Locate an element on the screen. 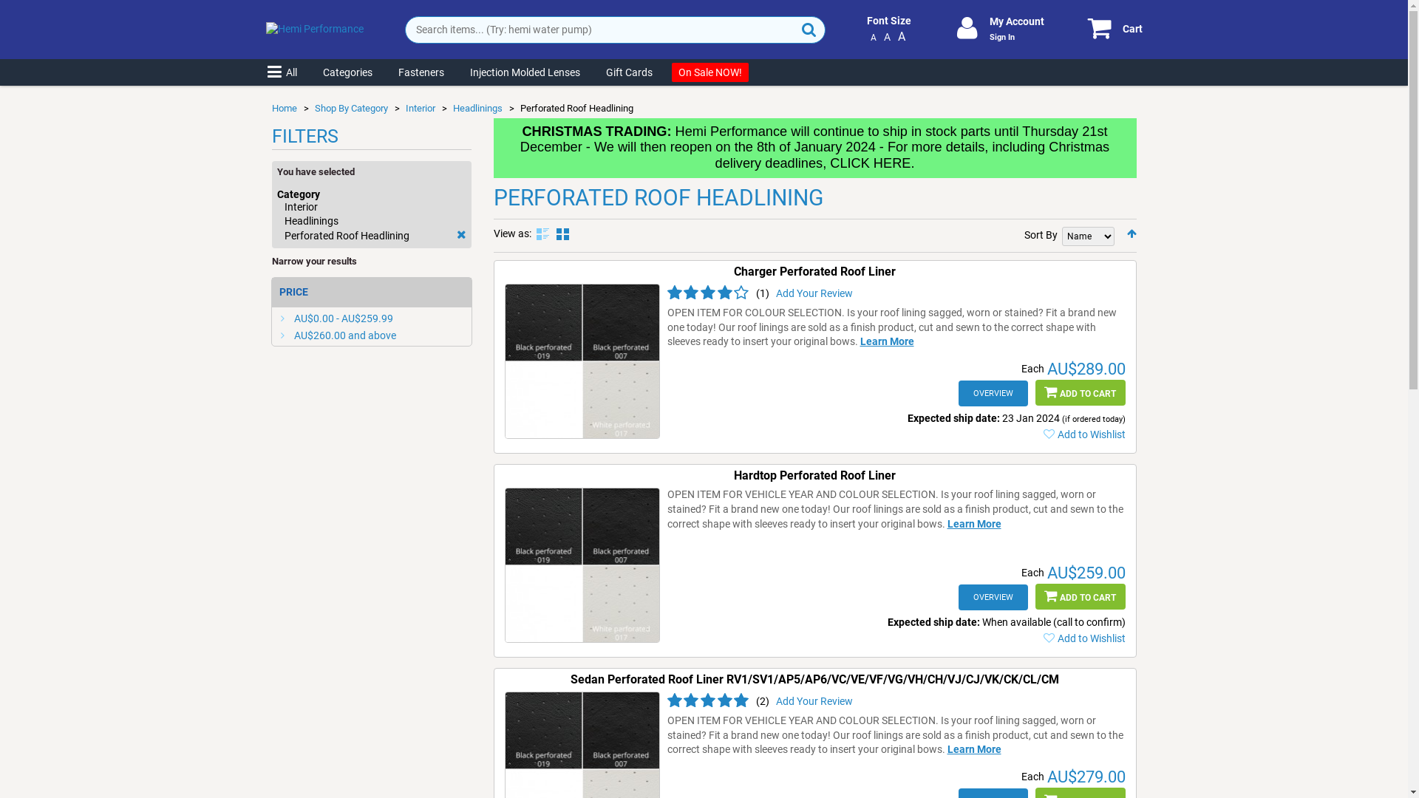  'Cart' is located at coordinates (1131, 28).